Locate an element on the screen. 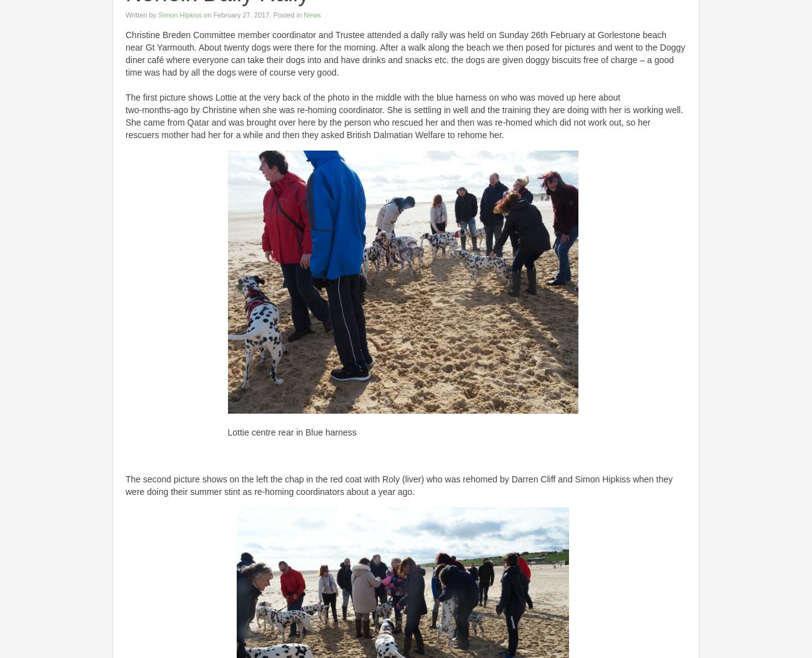 The width and height of the screenshot is (812, 658). 'on' is located at coordinates (207, 14).